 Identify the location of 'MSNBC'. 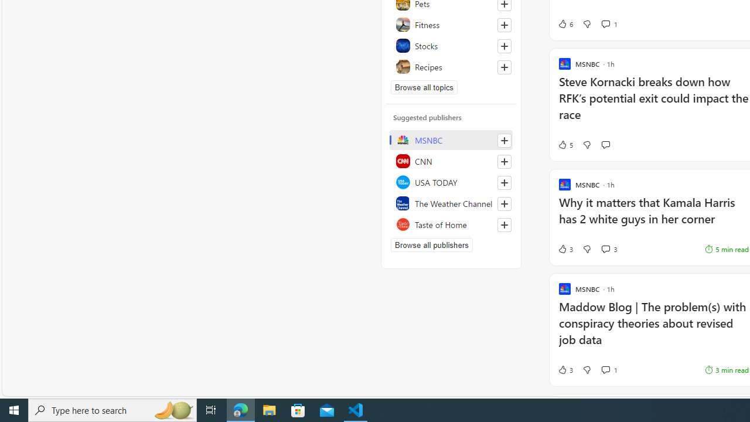
(451, 139).